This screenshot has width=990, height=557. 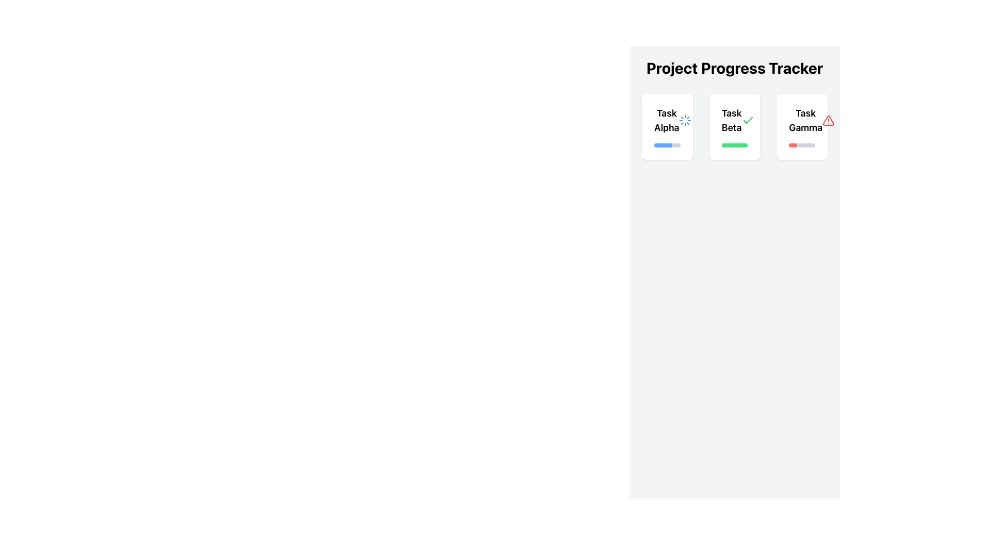 I want to click on the progress status of the horizontally-oriented progress bar located at the bottom of the 'Task Beta' card, which has a gray background and a green-filled section indicating completed progress, so click(x=734, y=145).